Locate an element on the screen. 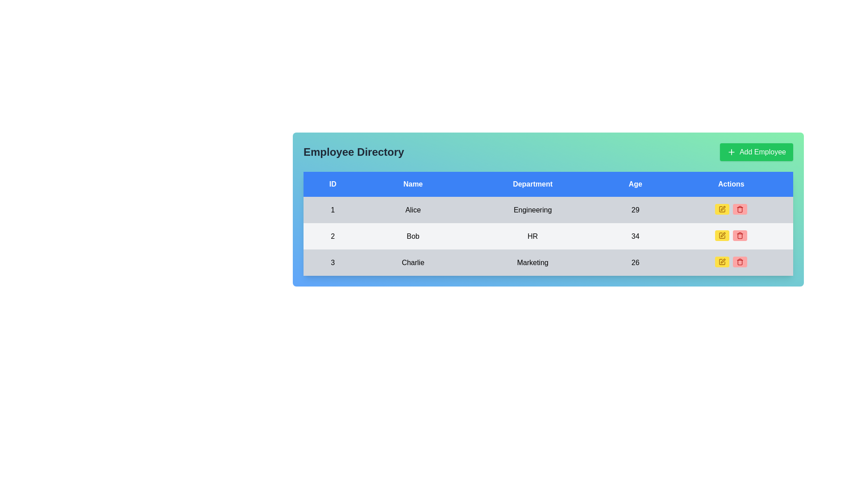  the white plus ('+') icon within the green 'Add Employee' button located in the top-right corner of the interface to initiate an action is located at coordinates (731, 151).